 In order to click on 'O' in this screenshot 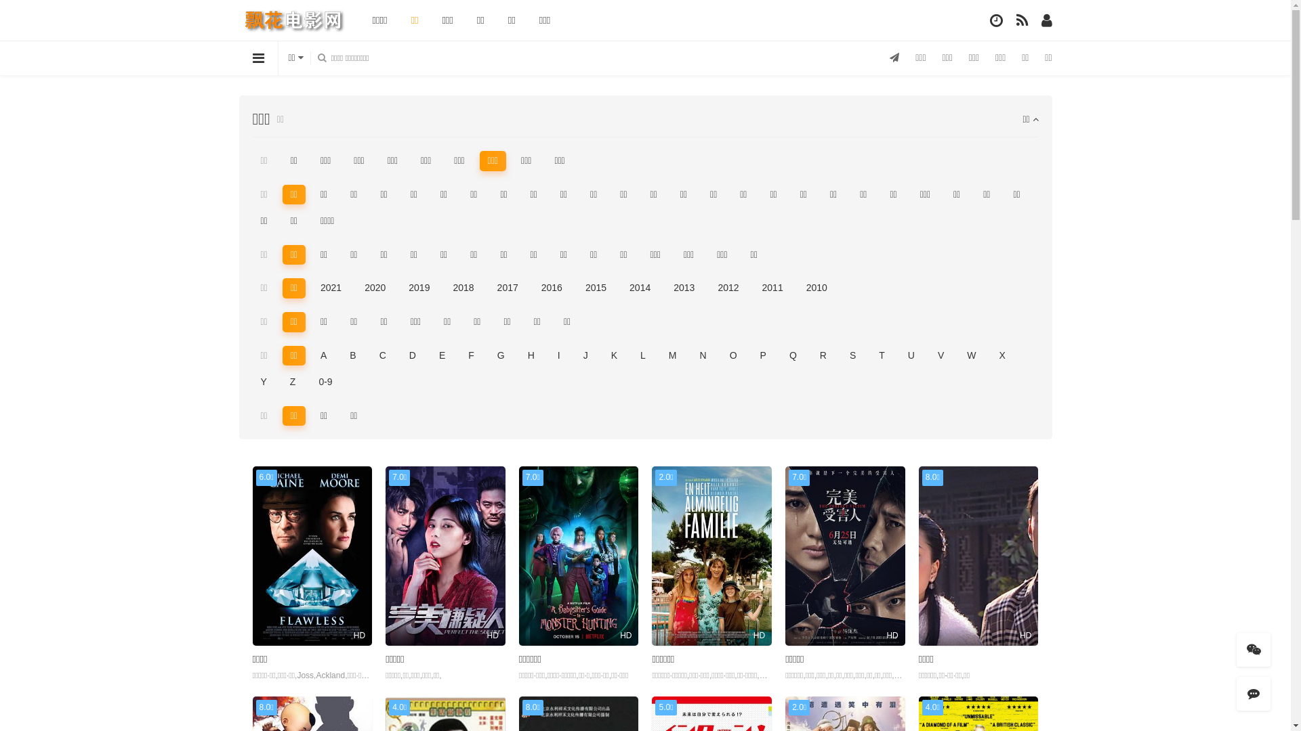, I will do `click(732, 355)`.